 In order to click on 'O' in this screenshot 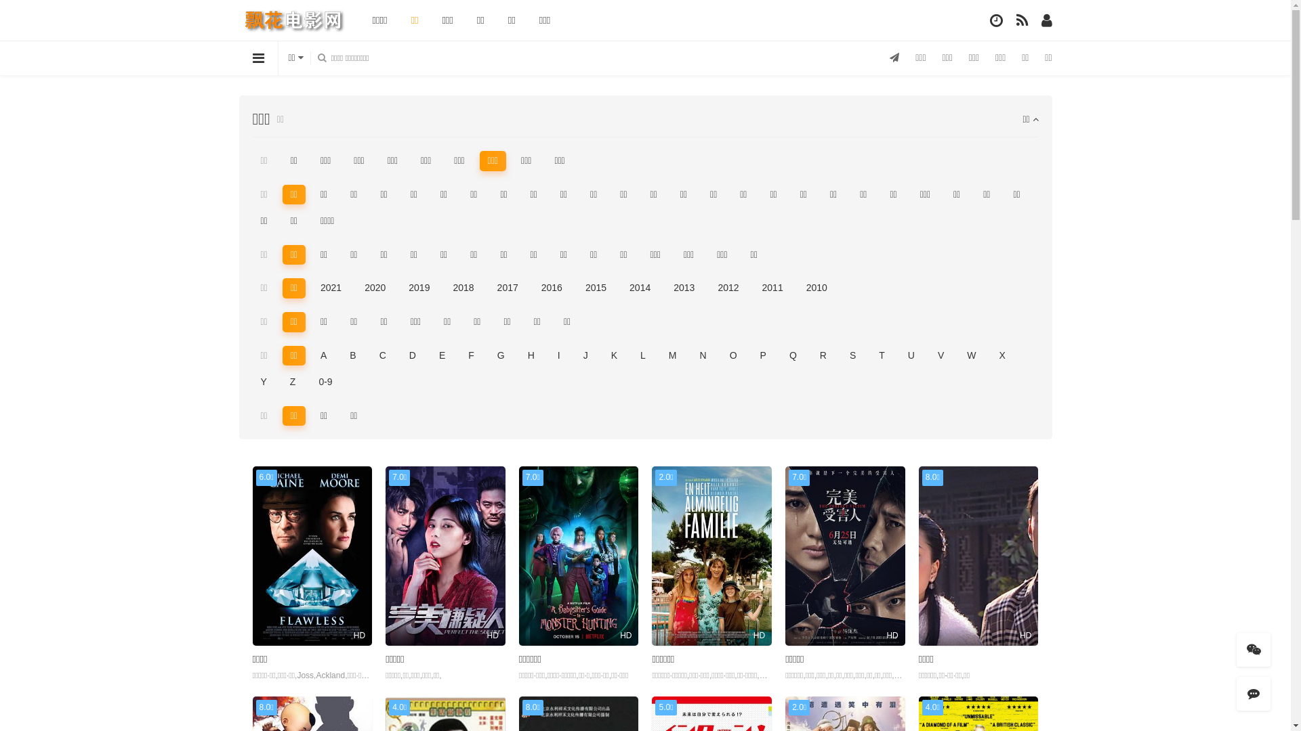, I will do `click(732, 355)`.